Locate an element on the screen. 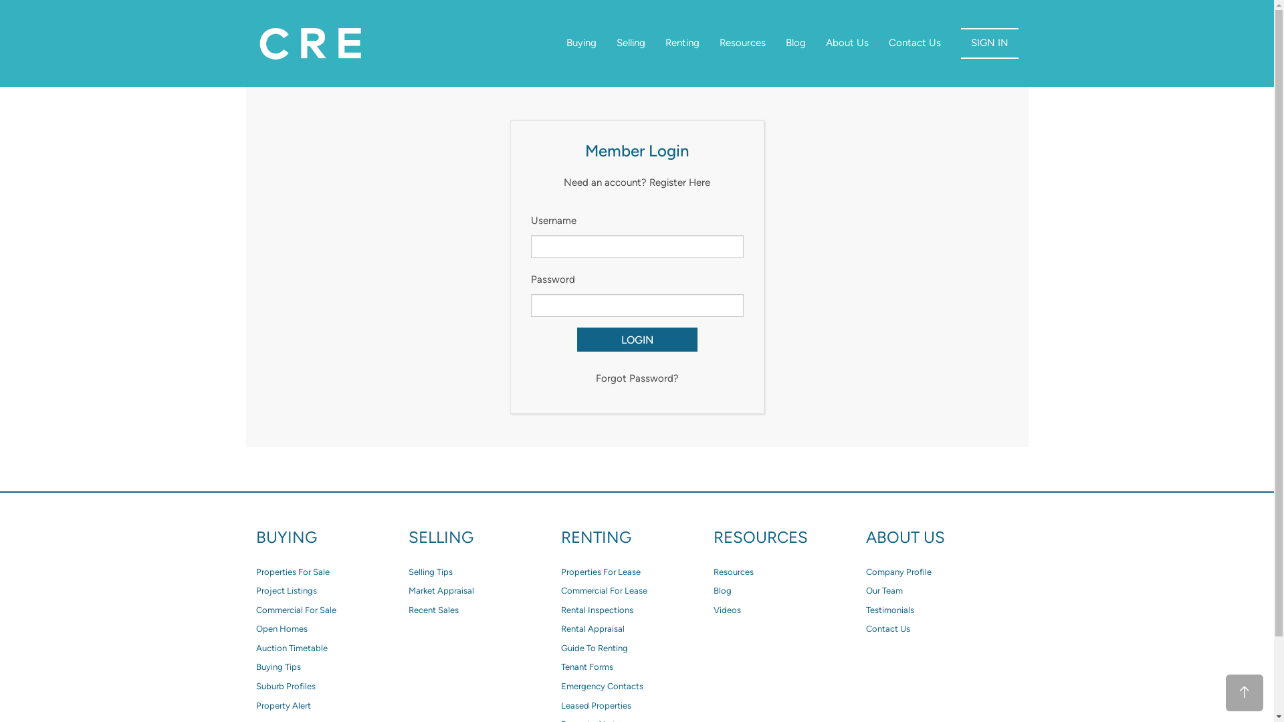  'Rental Appraisal' is located at coordinates (635, 629).